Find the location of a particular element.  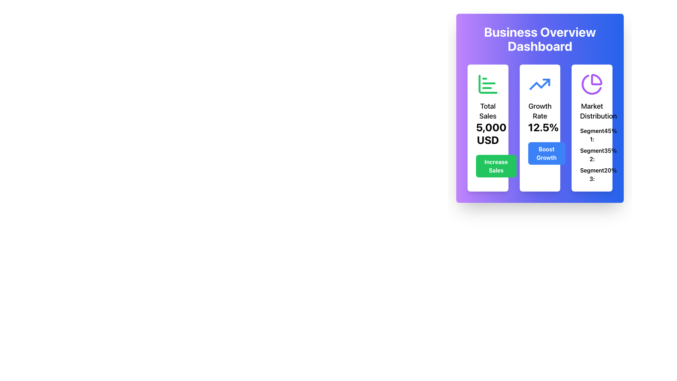

the text label identifying a segment within the 'Market Distribution' column of the dashboard for accessibility navigation is located at coordinates (592, 155).